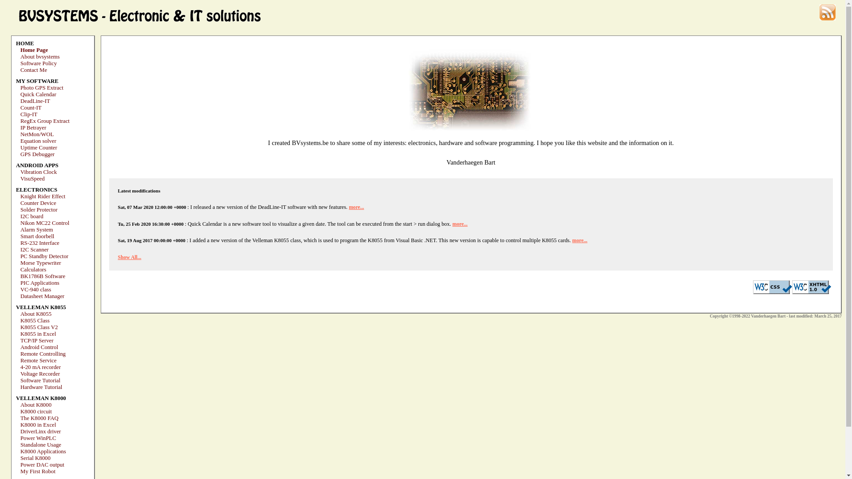 The height and width of the screenshot is (479, 852). What do you see at coordinates (35, 314) in the screenshot?
I see `'About K8055'` at bounding box center [35, 314].